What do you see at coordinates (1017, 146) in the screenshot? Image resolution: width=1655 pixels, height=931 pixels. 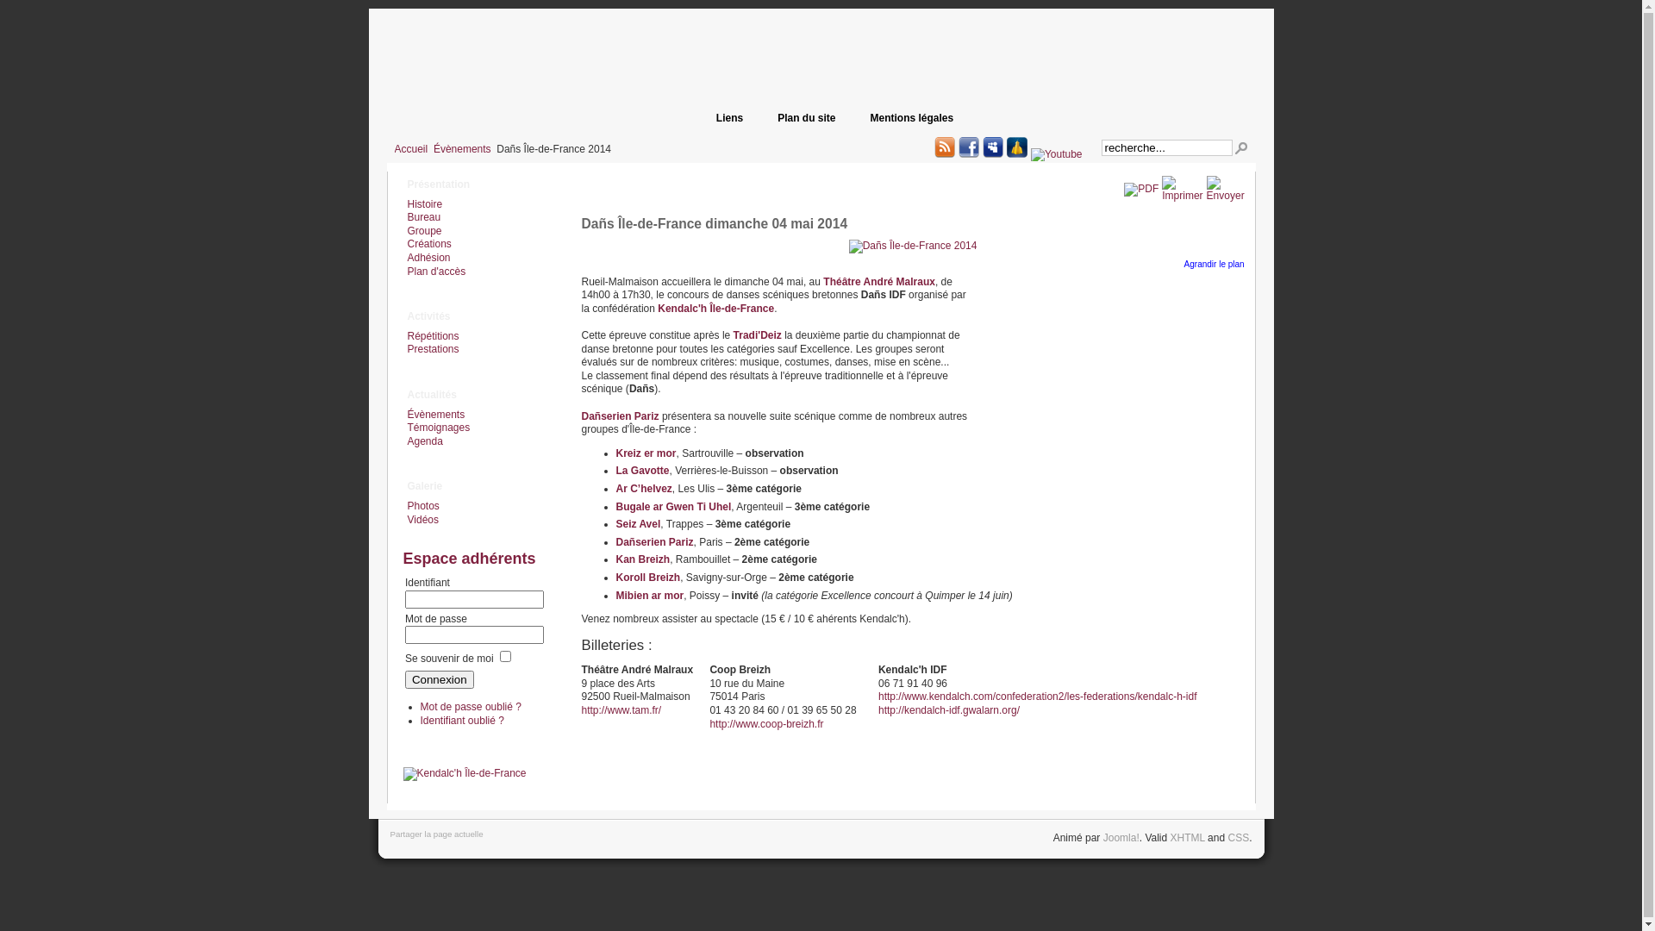 I see `'Suivez-nous sur Dailymotion'` at bounding box center [1017, 146].